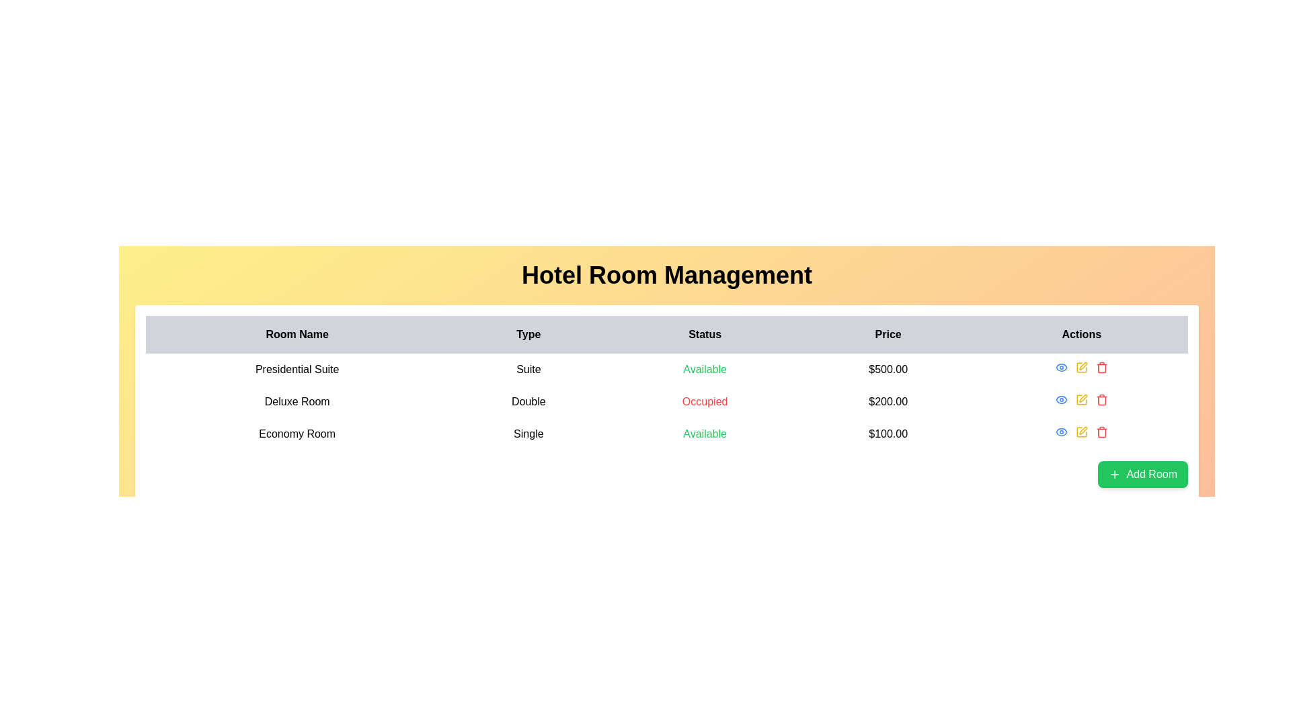 The image size is (1291, 726). Describe the element at coordinates (1081, 399) in the screenshot. I see `the pencil icon in the 'Actions' column for the 'Deluxe Room' row to initiate the edit function` at that location.